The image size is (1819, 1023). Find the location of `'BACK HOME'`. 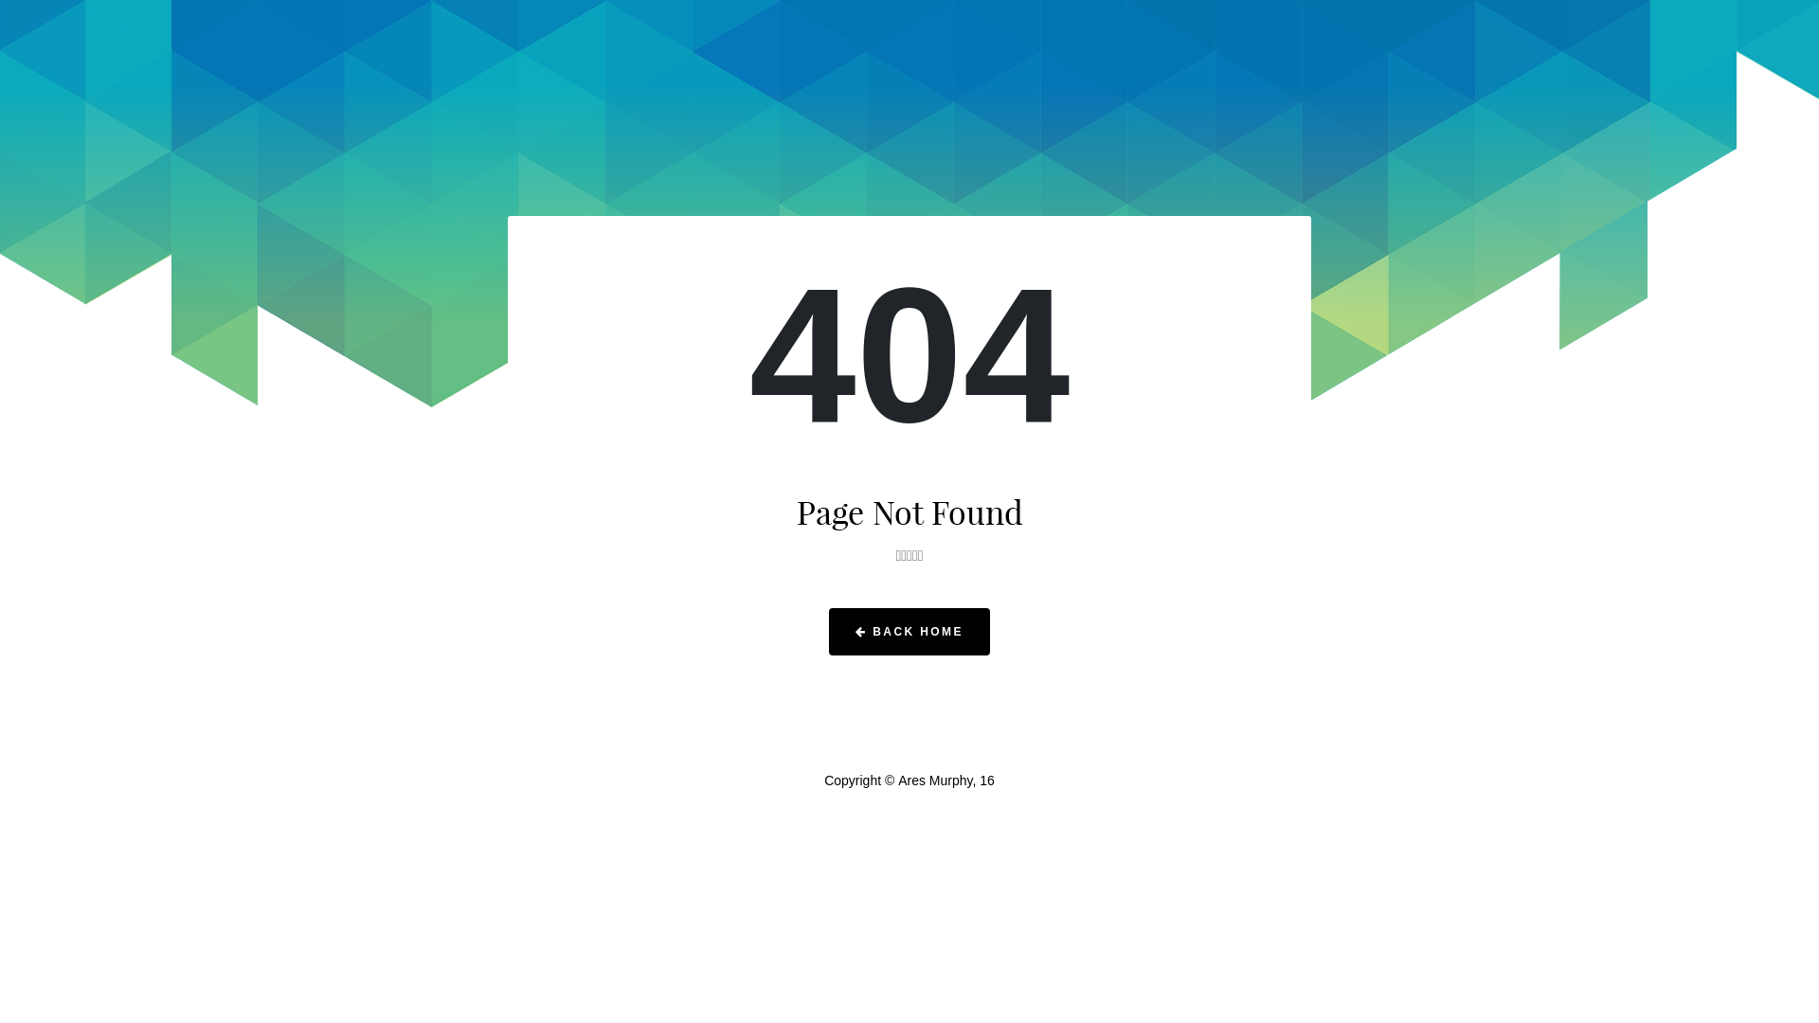

'BACK HOME' is located at coordinates (909, 632).